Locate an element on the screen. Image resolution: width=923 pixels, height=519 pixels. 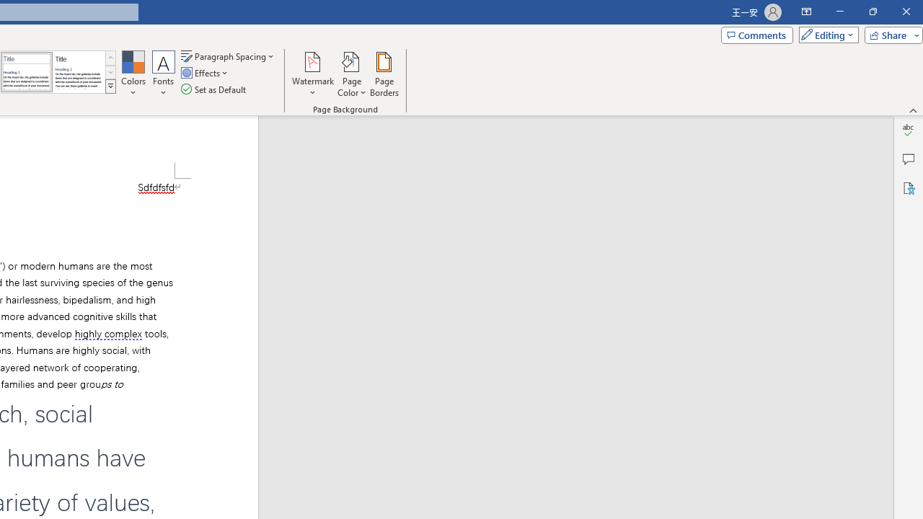
'Style Set' is located at coordinates (110, 86).